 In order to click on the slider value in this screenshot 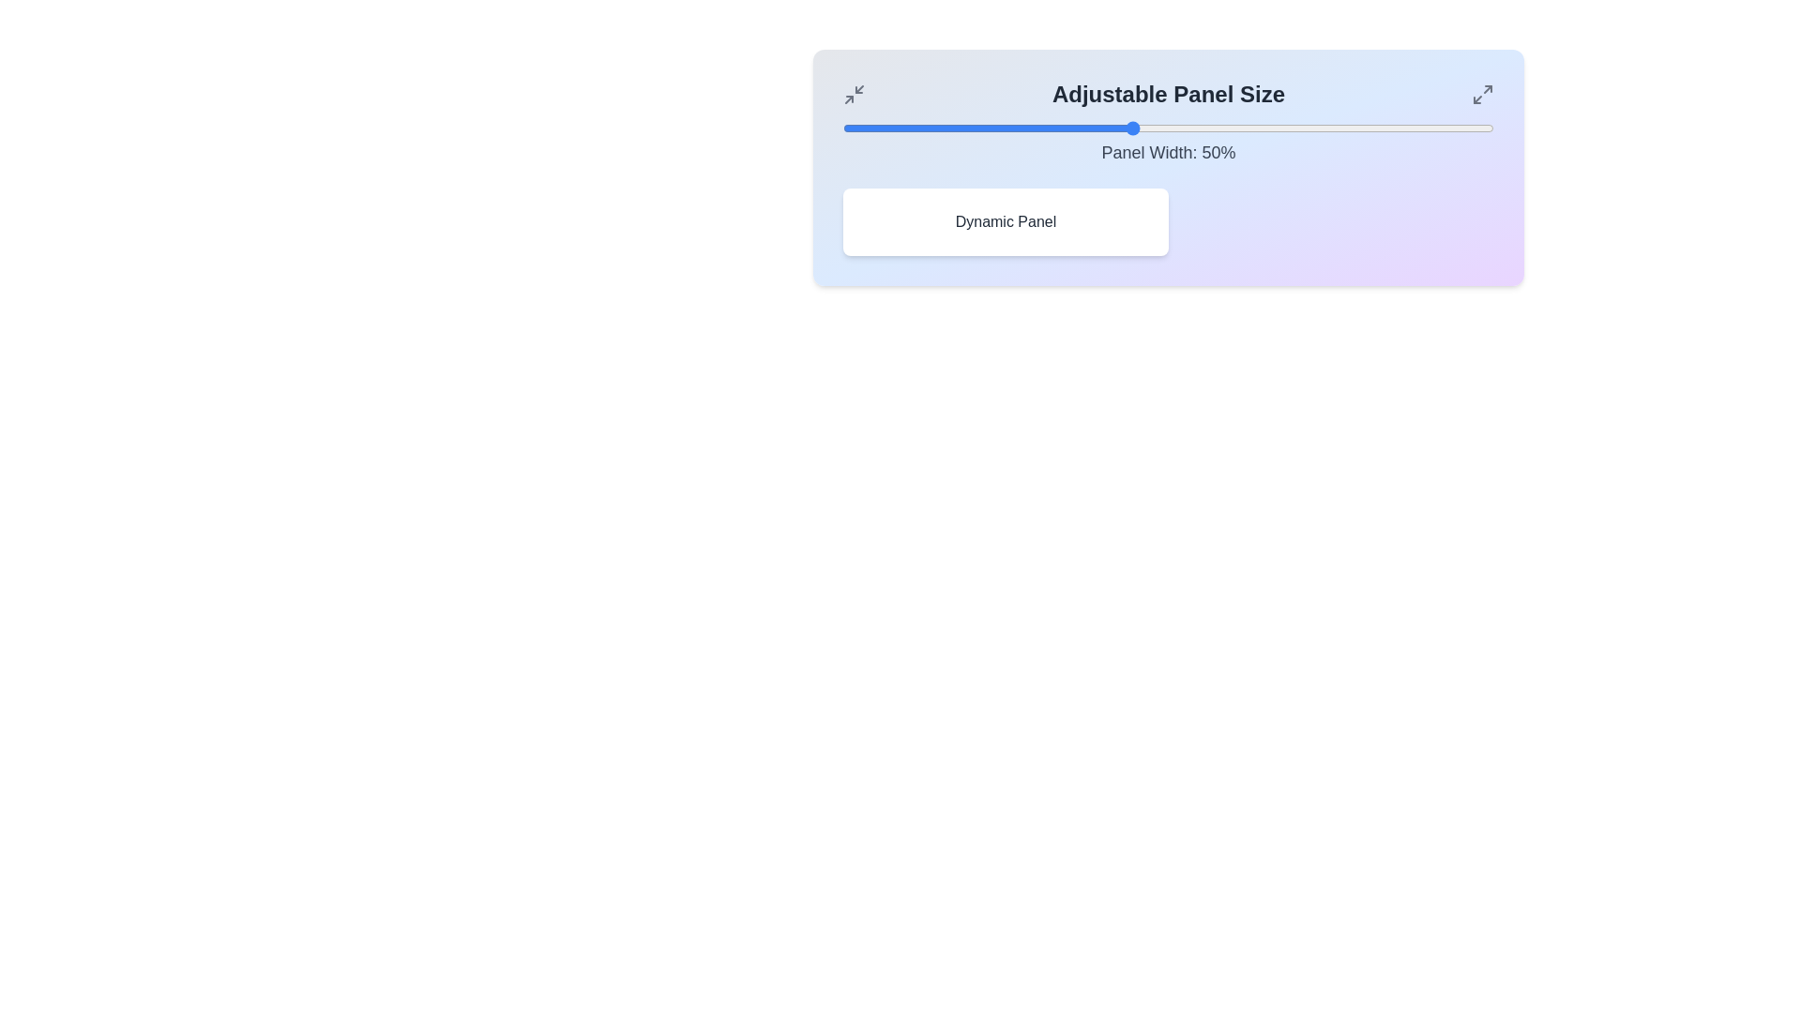, I will do `click(966, 128)`.